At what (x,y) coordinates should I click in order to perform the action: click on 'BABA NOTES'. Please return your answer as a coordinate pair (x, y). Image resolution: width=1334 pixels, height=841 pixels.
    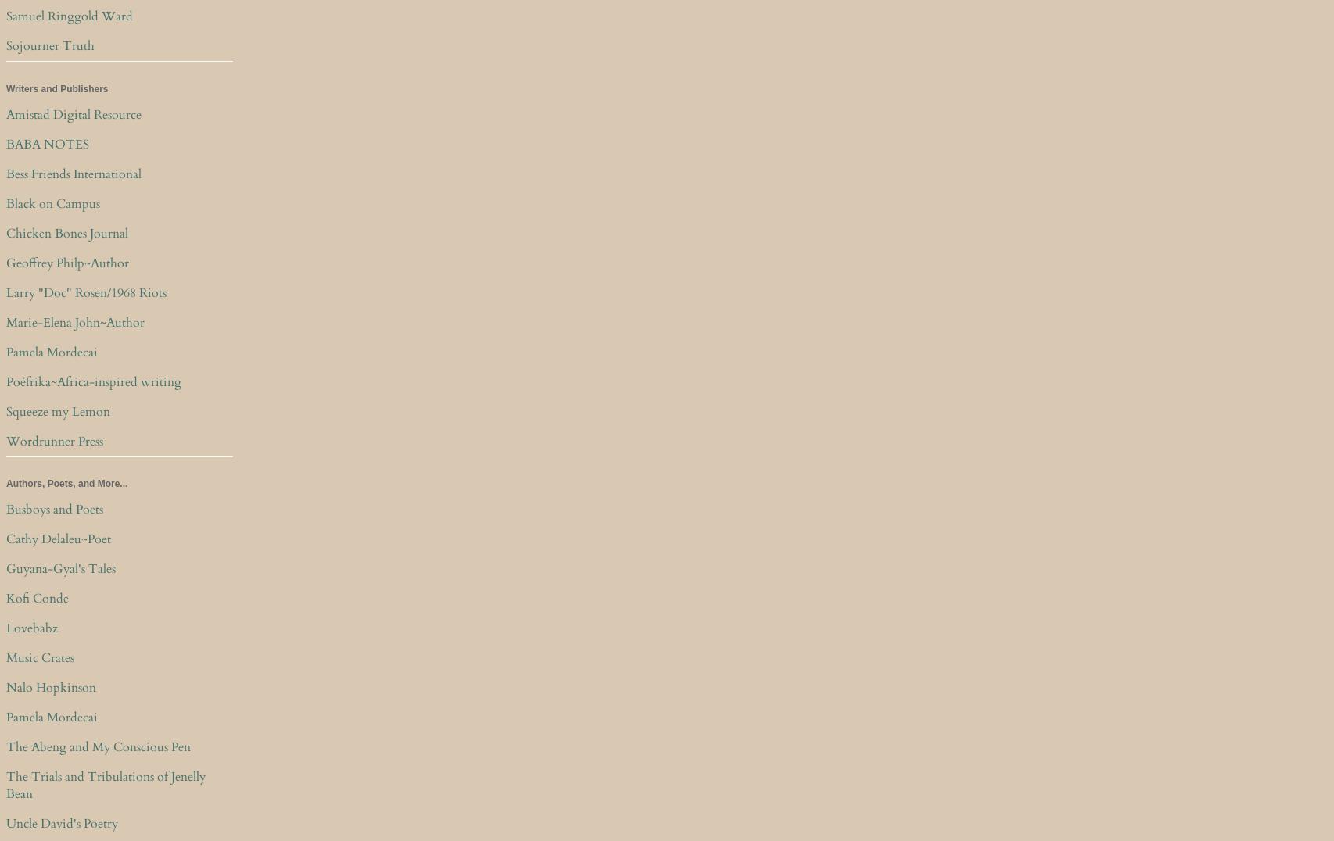
    Looking at the image, I should click on (48, 142).